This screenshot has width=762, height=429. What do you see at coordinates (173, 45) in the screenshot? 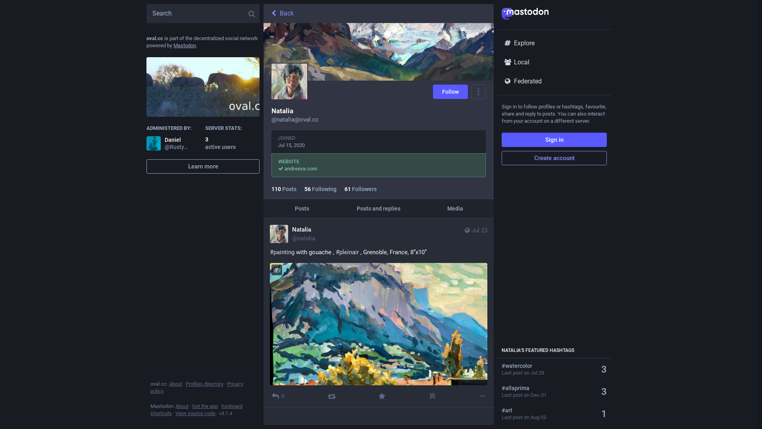
I see `'Mastodon'` at bounding box center [173, 45].